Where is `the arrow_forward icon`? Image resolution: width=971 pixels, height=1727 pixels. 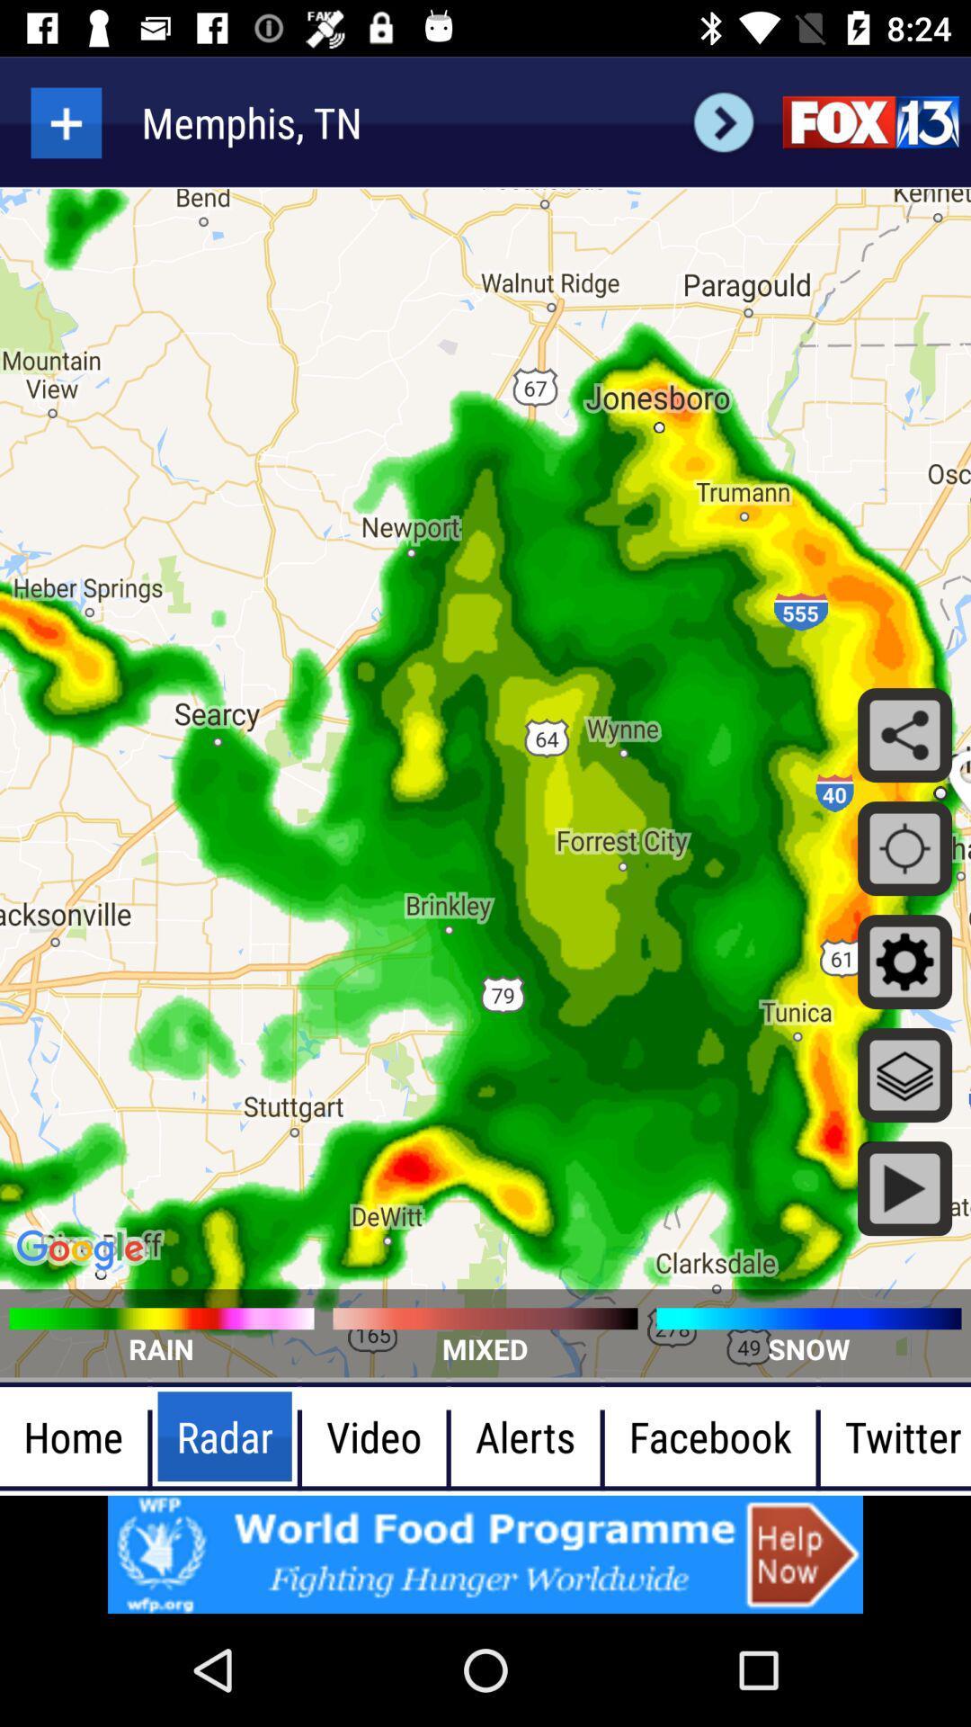
the arrow_forward icon is located at coordinates (723, 121).